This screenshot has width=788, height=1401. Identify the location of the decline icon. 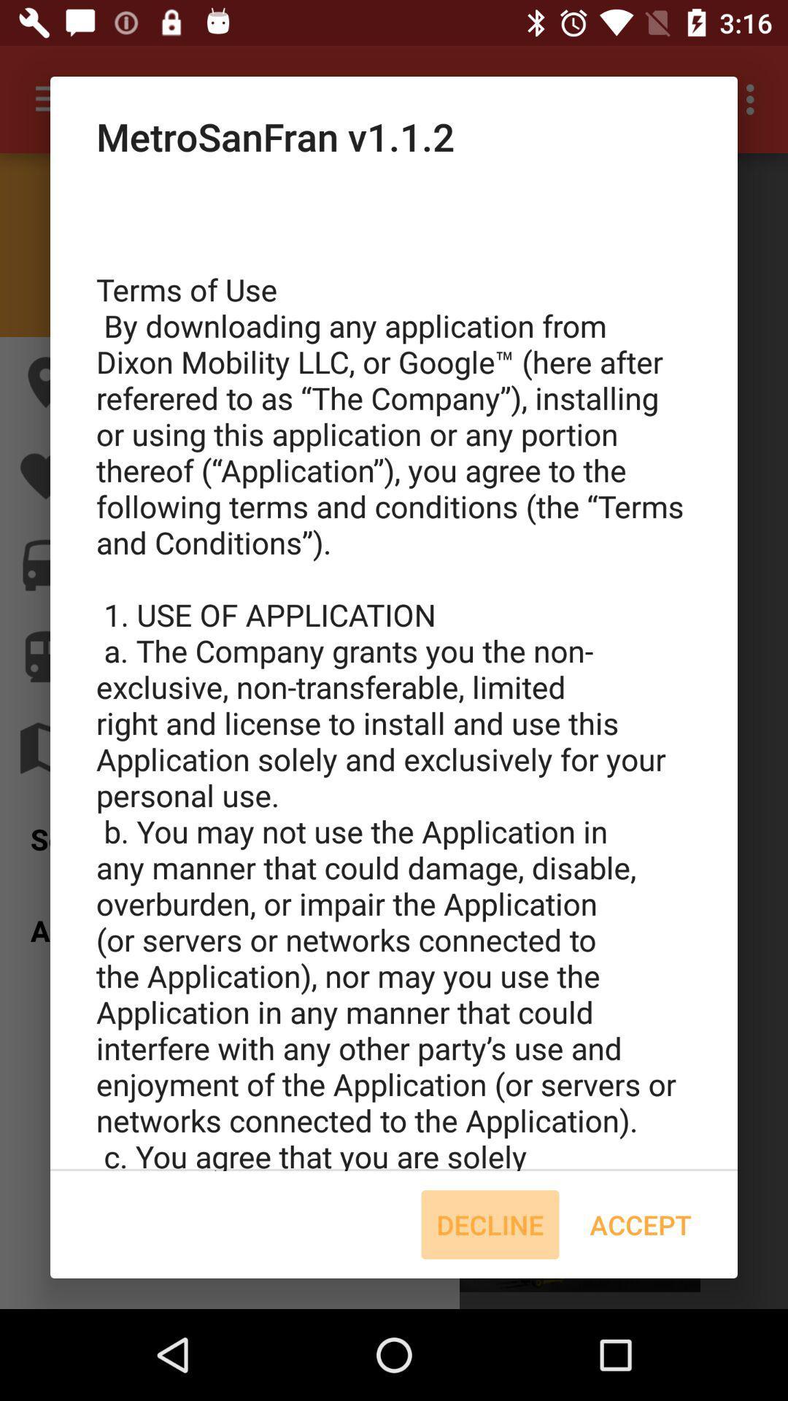
(490, 1224).